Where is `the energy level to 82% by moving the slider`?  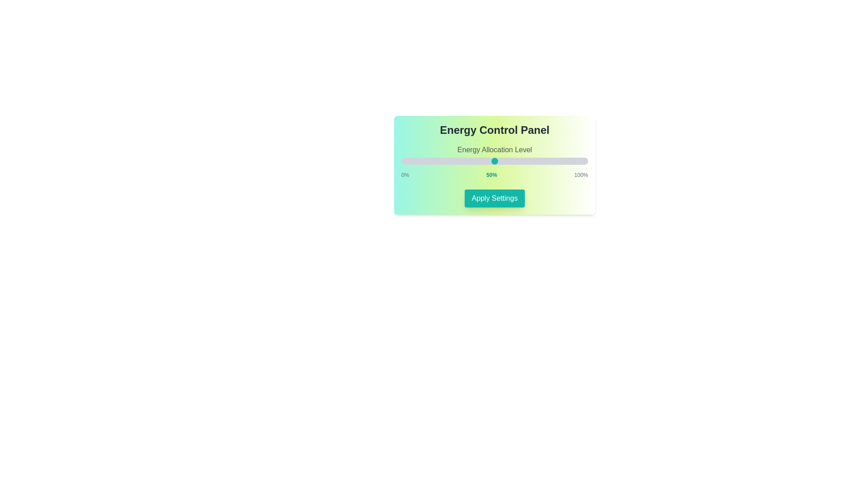
the energy level to 82% by moving the slider is located at coordinates (554, 160).